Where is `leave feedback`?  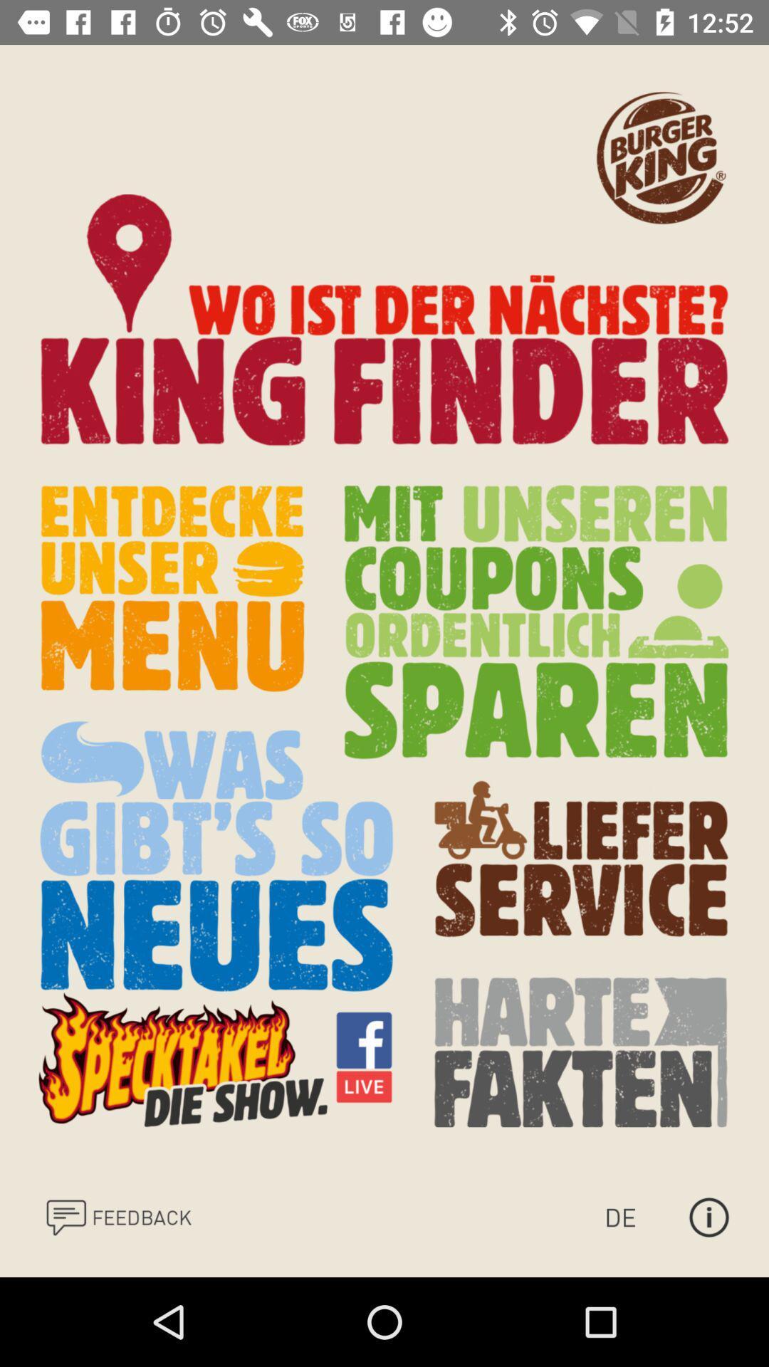
leave feedback is located at coordinates (117, 1216).